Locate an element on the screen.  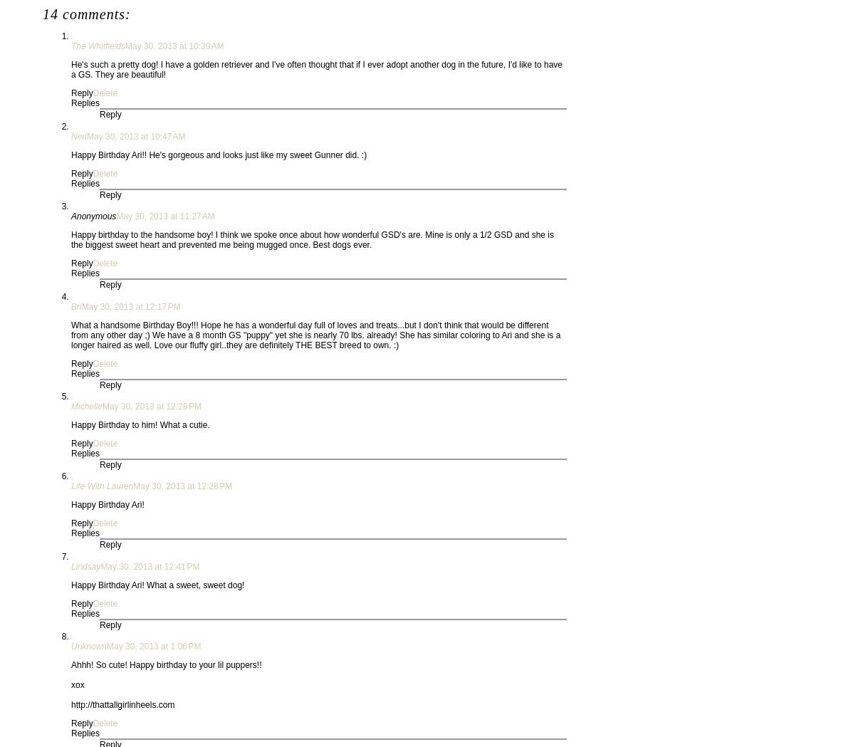
'14 comments:' is located at coordinates (43, 14).